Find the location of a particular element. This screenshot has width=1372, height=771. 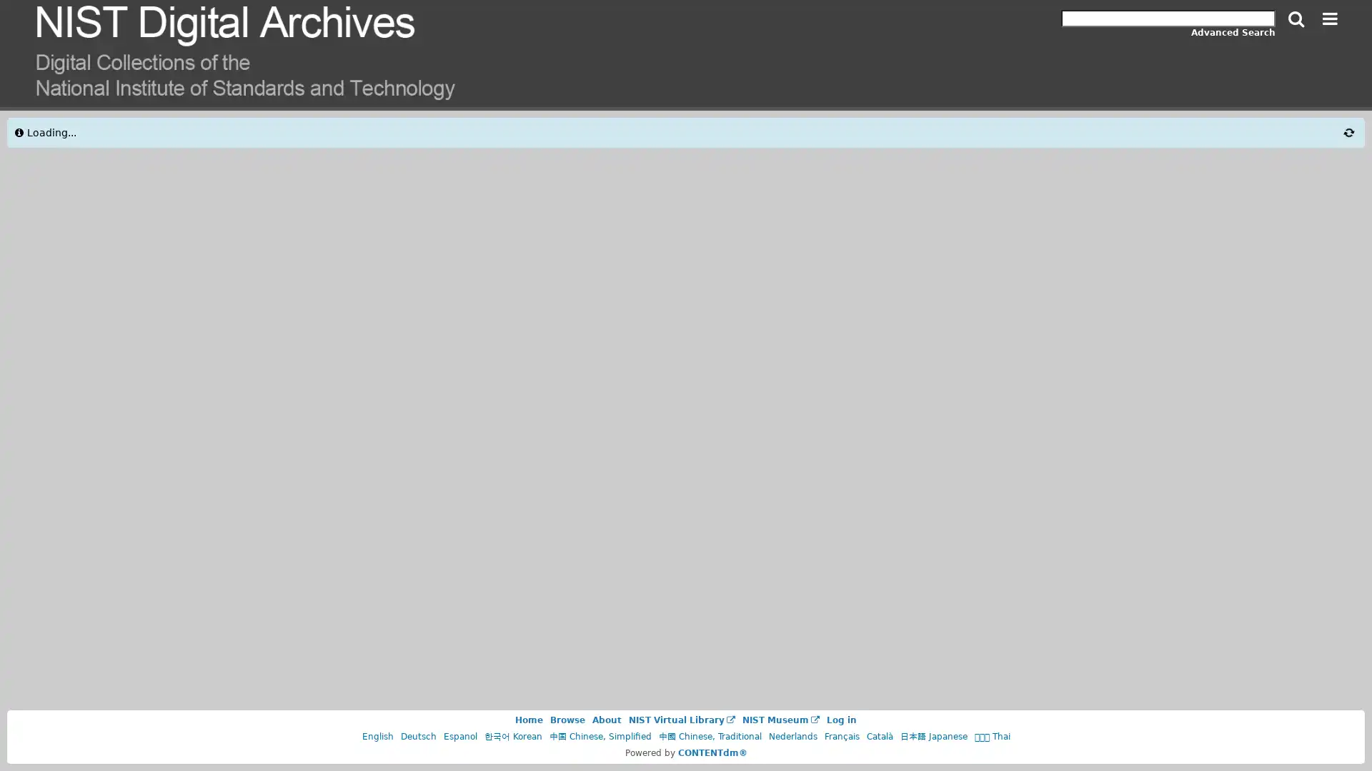

Show More is located at coordinates (173, 565).